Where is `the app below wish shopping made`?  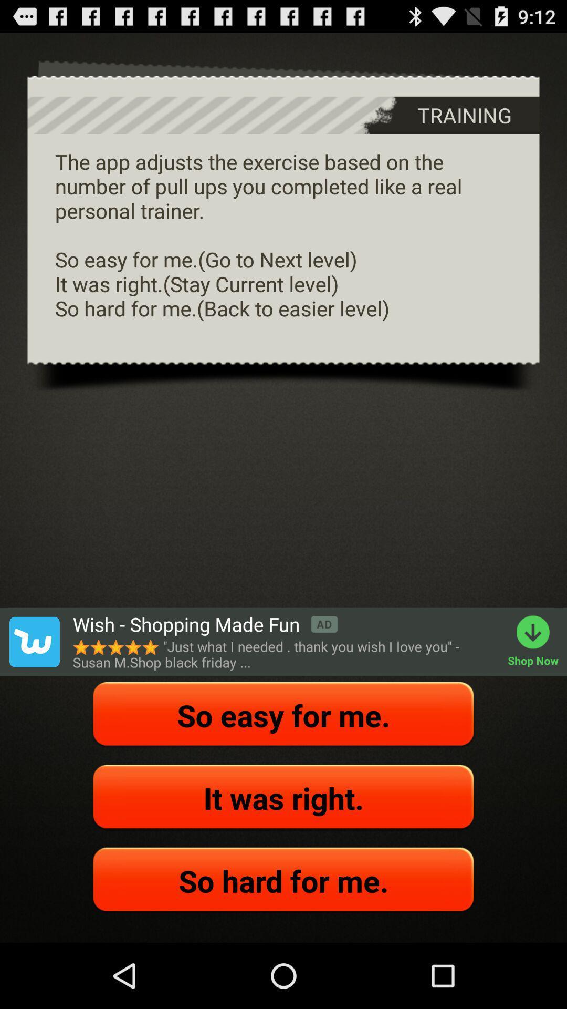 the app below wish shopping made is located at coordinates (285, 654).